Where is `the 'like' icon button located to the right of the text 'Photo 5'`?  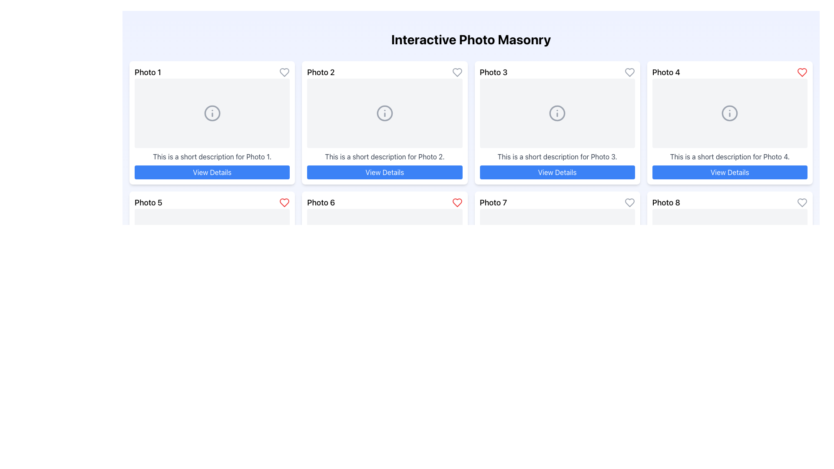
the 'like' icon button located to the right of the text 'Photo 5' is located at coordinates (284, 202).